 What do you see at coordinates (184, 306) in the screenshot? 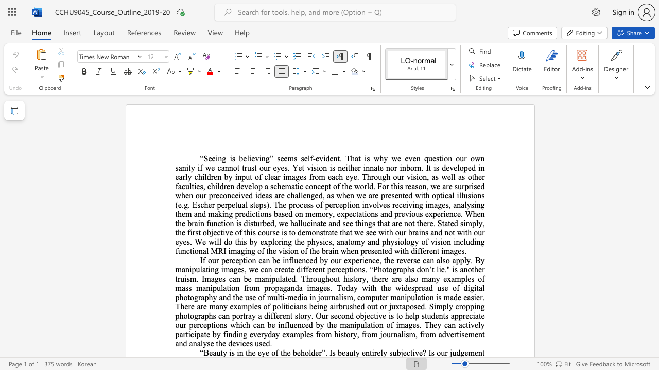
I see `the subset text "ere are many examples of politicians being airbrushed out or juxtaposed. Simply cropping photographs can portray a different story. Our second objective is to help students appreciate our perceptions which can be" within the text "If our perception can be influenced by our experience, the reverse can also apply. By manipulating images, we can create different perceptions. “Photographs don’t lie."` at bounding box center [184, 306].